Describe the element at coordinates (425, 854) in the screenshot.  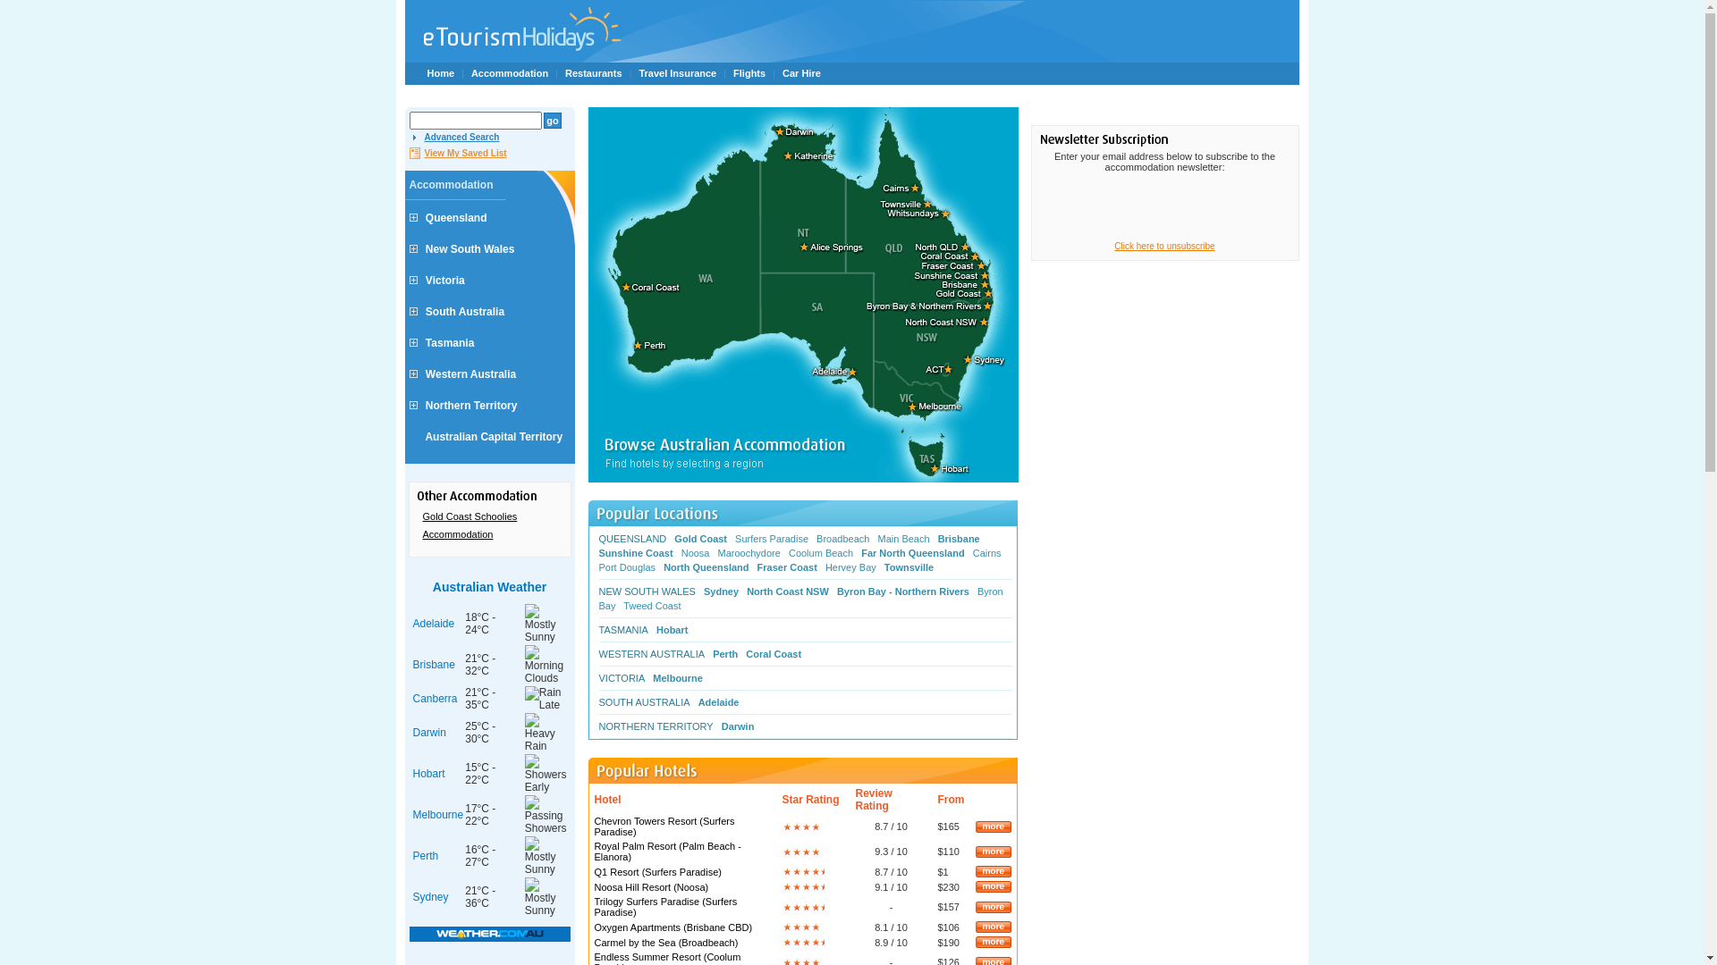
I see `'Perth'` at that location.